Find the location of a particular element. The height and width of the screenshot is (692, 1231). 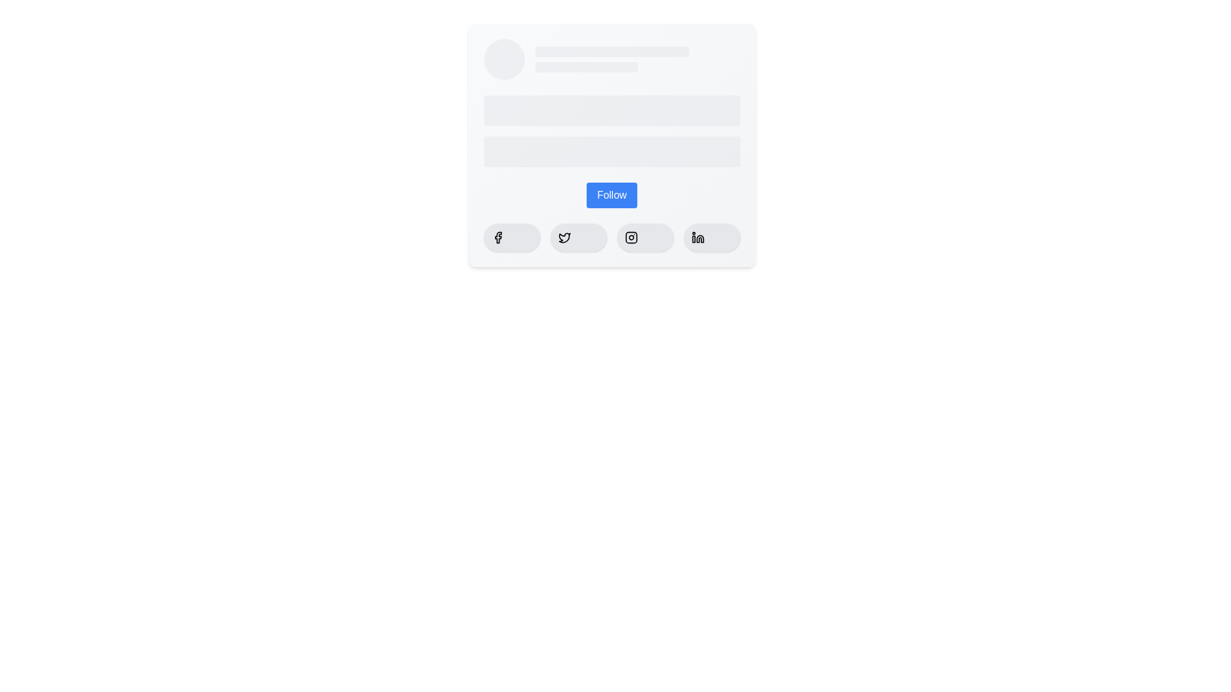

the Twitter button, which is the second button from the left in the grid of buttons is located at coordinates (578, 237).